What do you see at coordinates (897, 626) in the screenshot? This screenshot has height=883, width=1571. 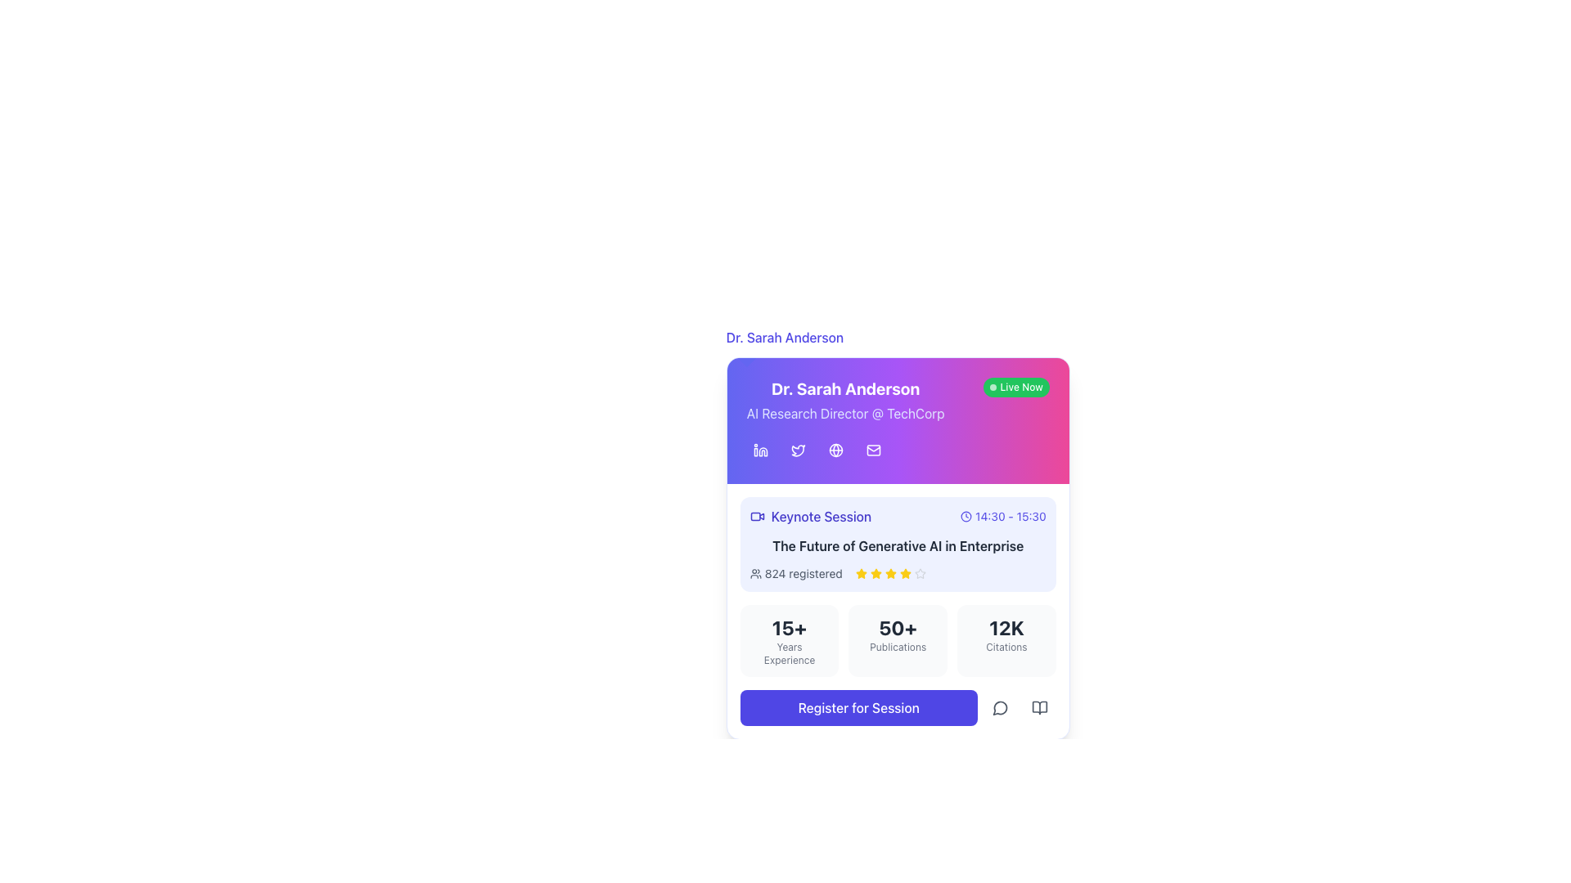 I see `the numerical statistic displayed in the text element indicating '50+' publications, centrally located within the card section of statistical information` at bounding box center [897, 626].